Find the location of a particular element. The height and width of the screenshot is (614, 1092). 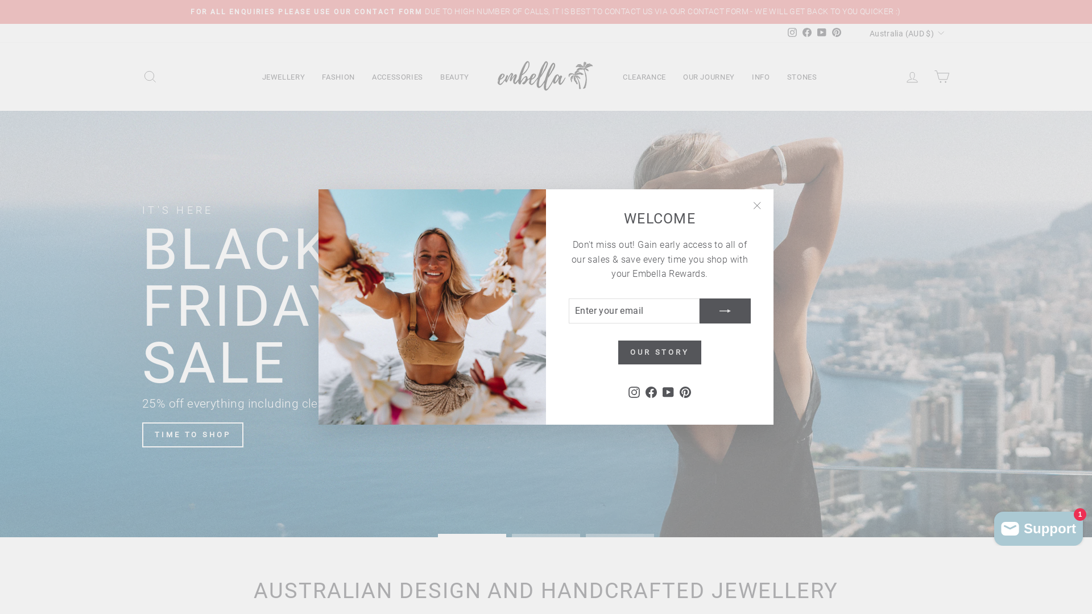

'Facebook' is located at coordinates (806, 32).